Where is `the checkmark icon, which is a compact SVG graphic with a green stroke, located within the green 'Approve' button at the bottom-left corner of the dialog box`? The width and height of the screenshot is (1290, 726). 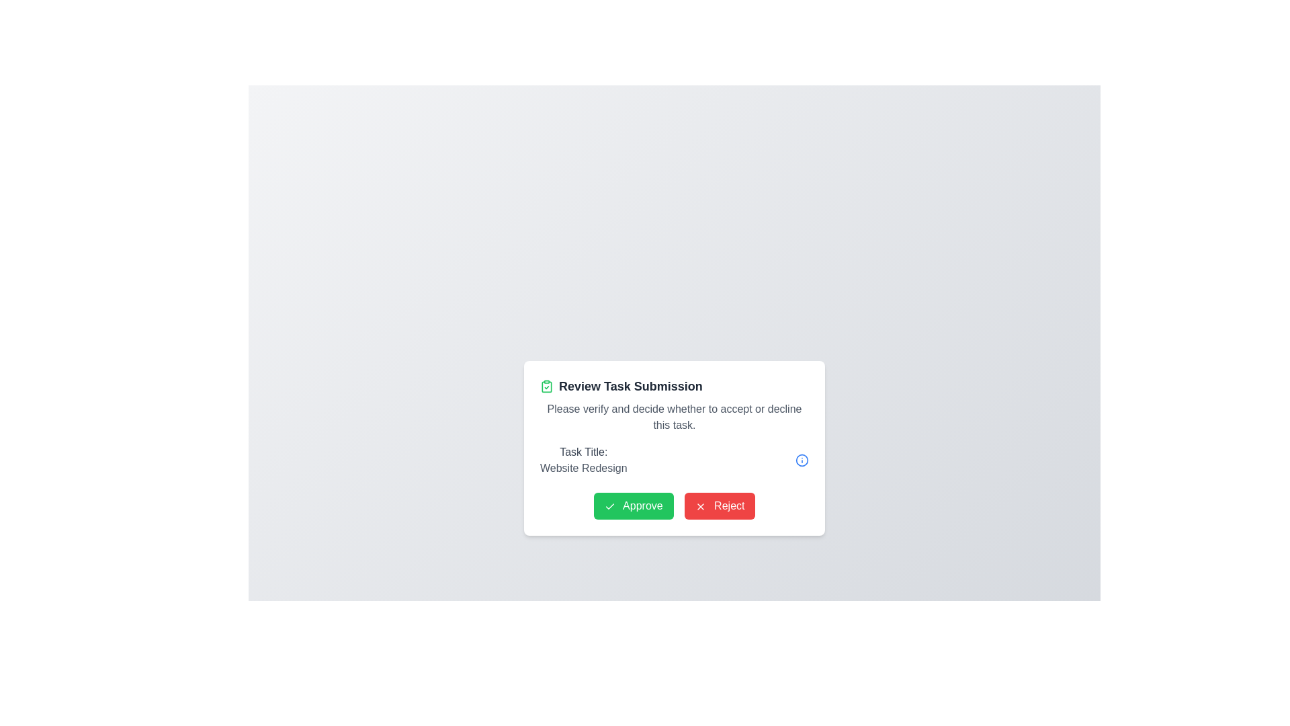
the checkmark icon, which is a compact SVG graphic with a green stroke, located within the green 'Approve' button at the bottom-left corner of the dialog box is located at coordinates (609, 506).